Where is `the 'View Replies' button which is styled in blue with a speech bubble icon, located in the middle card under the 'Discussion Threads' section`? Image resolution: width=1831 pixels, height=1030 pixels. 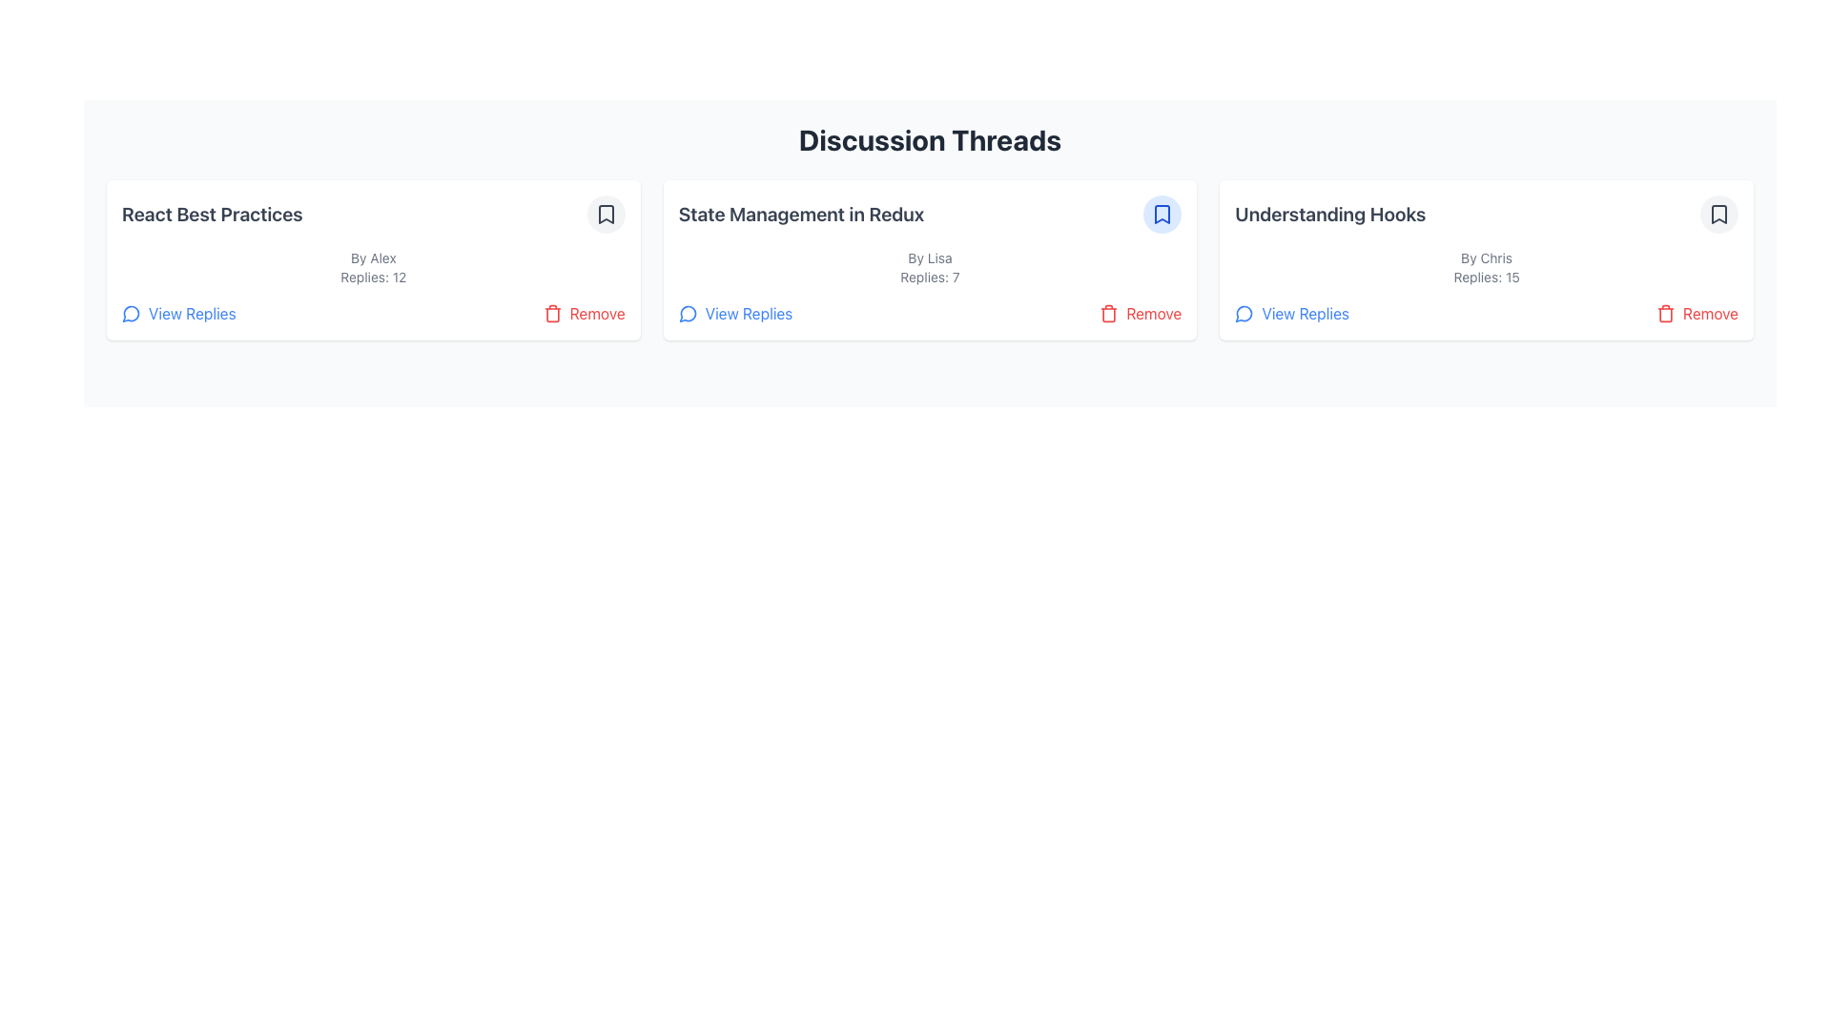 the 'View Replies' button which is styled in blue with a speech bubble icon, located in the middle card under the 'Discussion Threads' section is located at coordinates (734, 312).